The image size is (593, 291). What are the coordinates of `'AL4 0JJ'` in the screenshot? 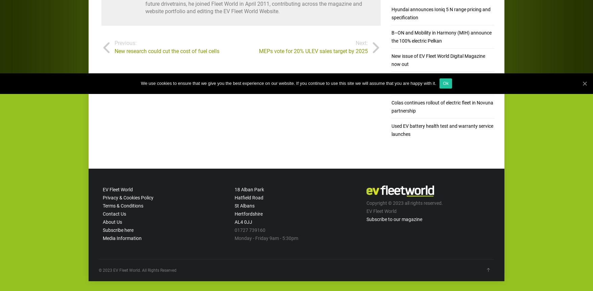 It's located at (243, 221).